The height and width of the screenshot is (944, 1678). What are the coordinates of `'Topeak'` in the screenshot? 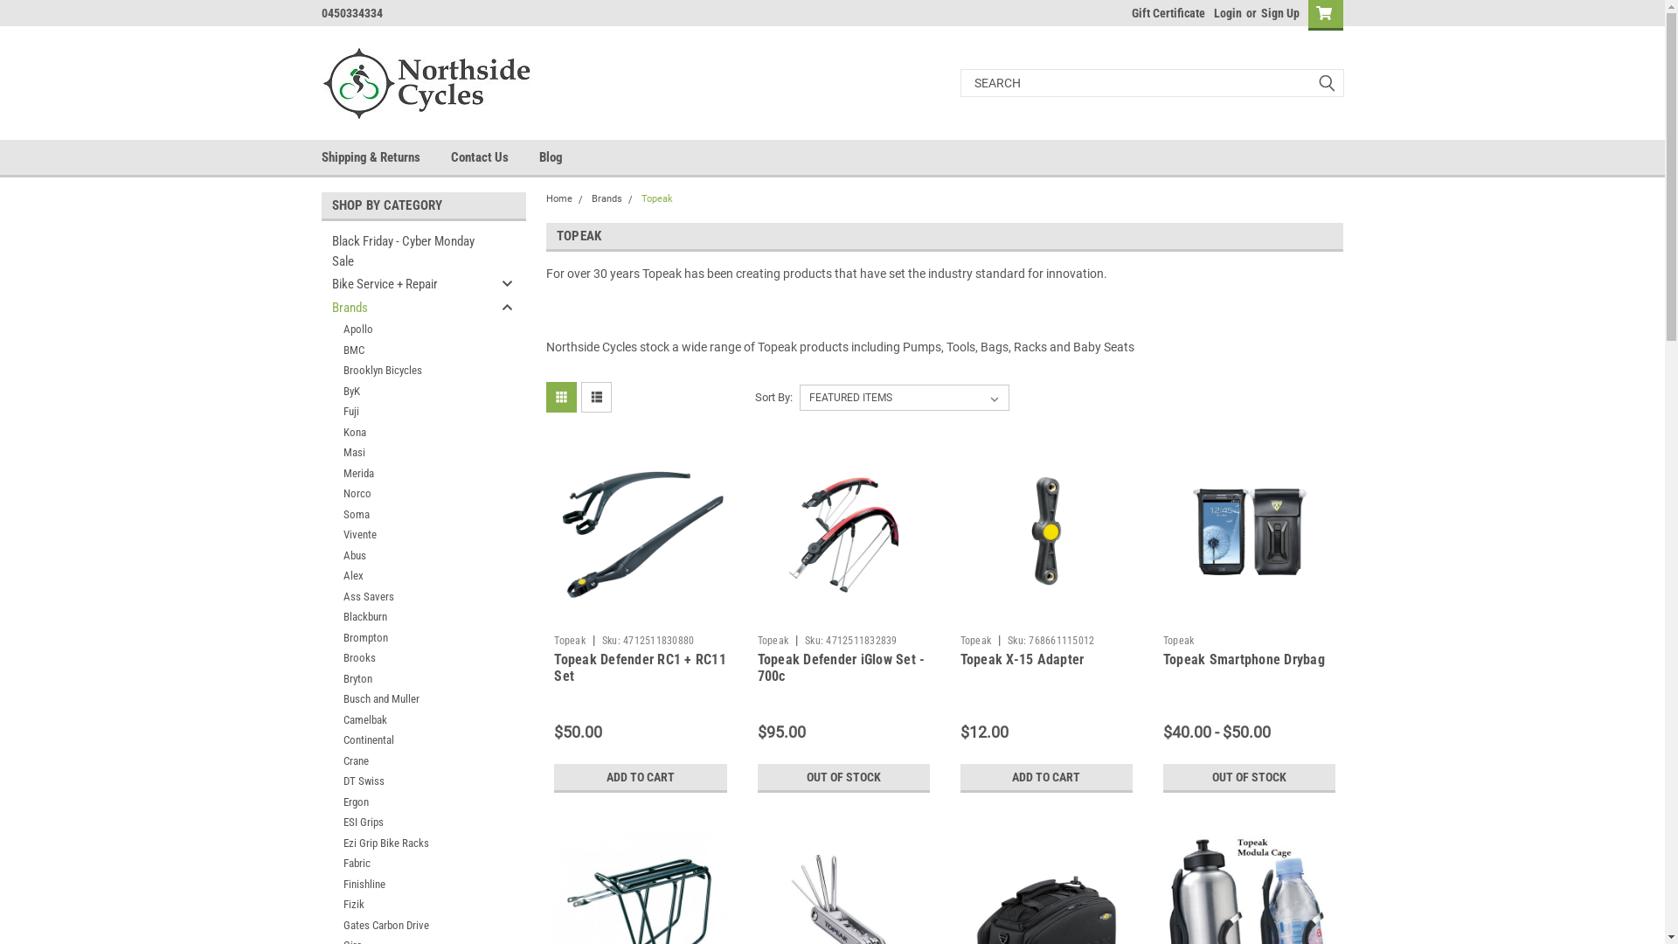 It's located at (975, 640).